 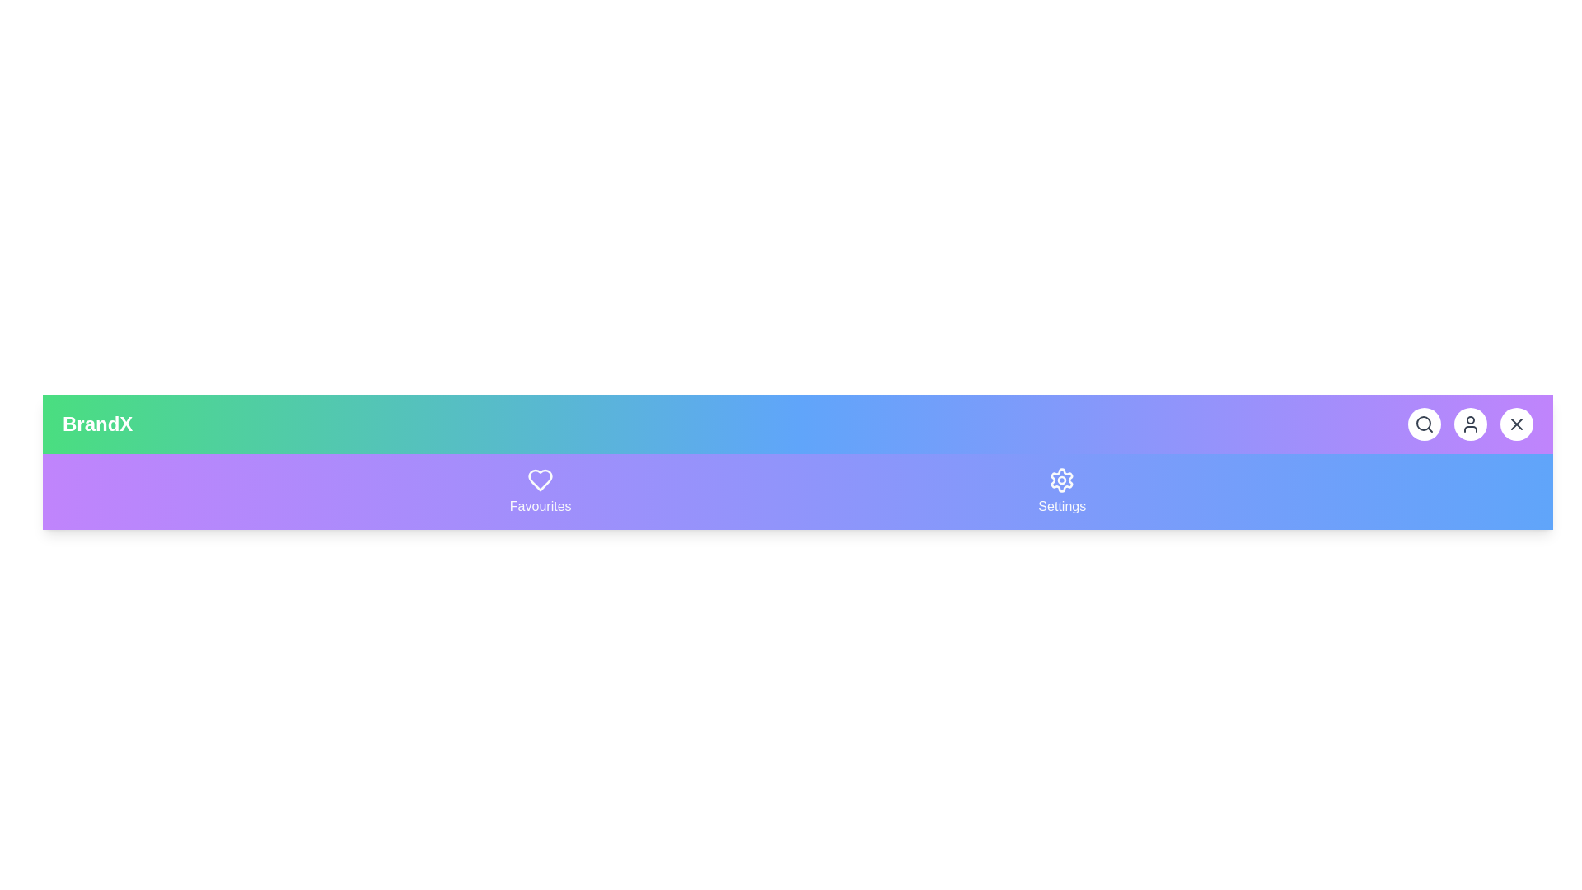 What do you see at coordinates (1516, 424) in the screenshot?
I see `the toggle button to change the menu state` at bounding box center [1516, 424].